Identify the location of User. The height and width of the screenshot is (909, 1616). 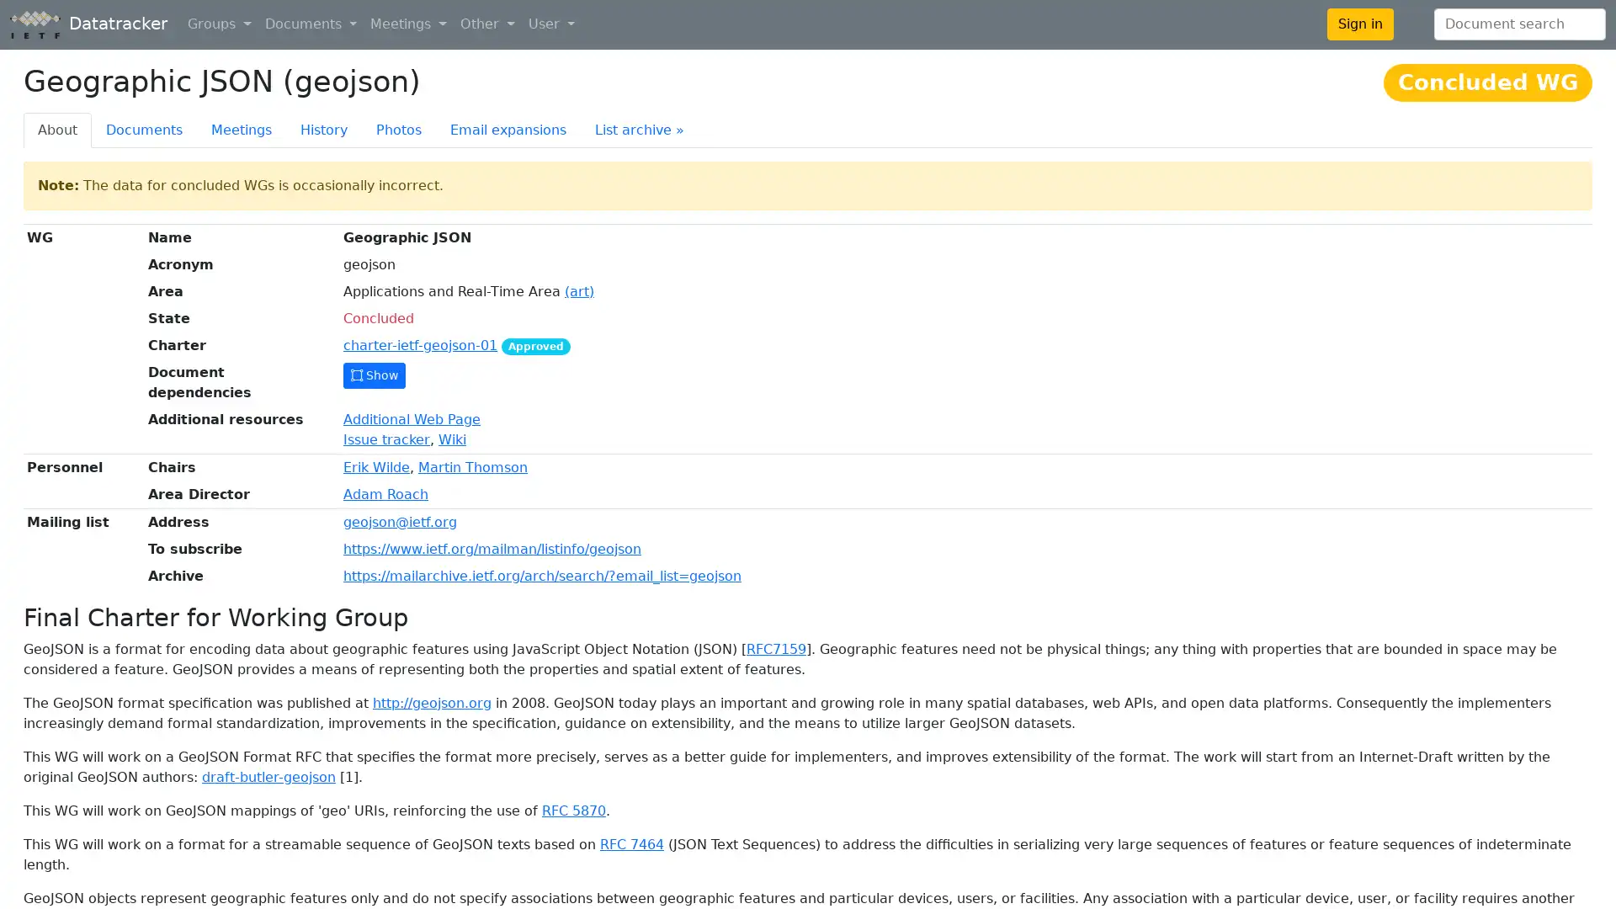
(550, 24).